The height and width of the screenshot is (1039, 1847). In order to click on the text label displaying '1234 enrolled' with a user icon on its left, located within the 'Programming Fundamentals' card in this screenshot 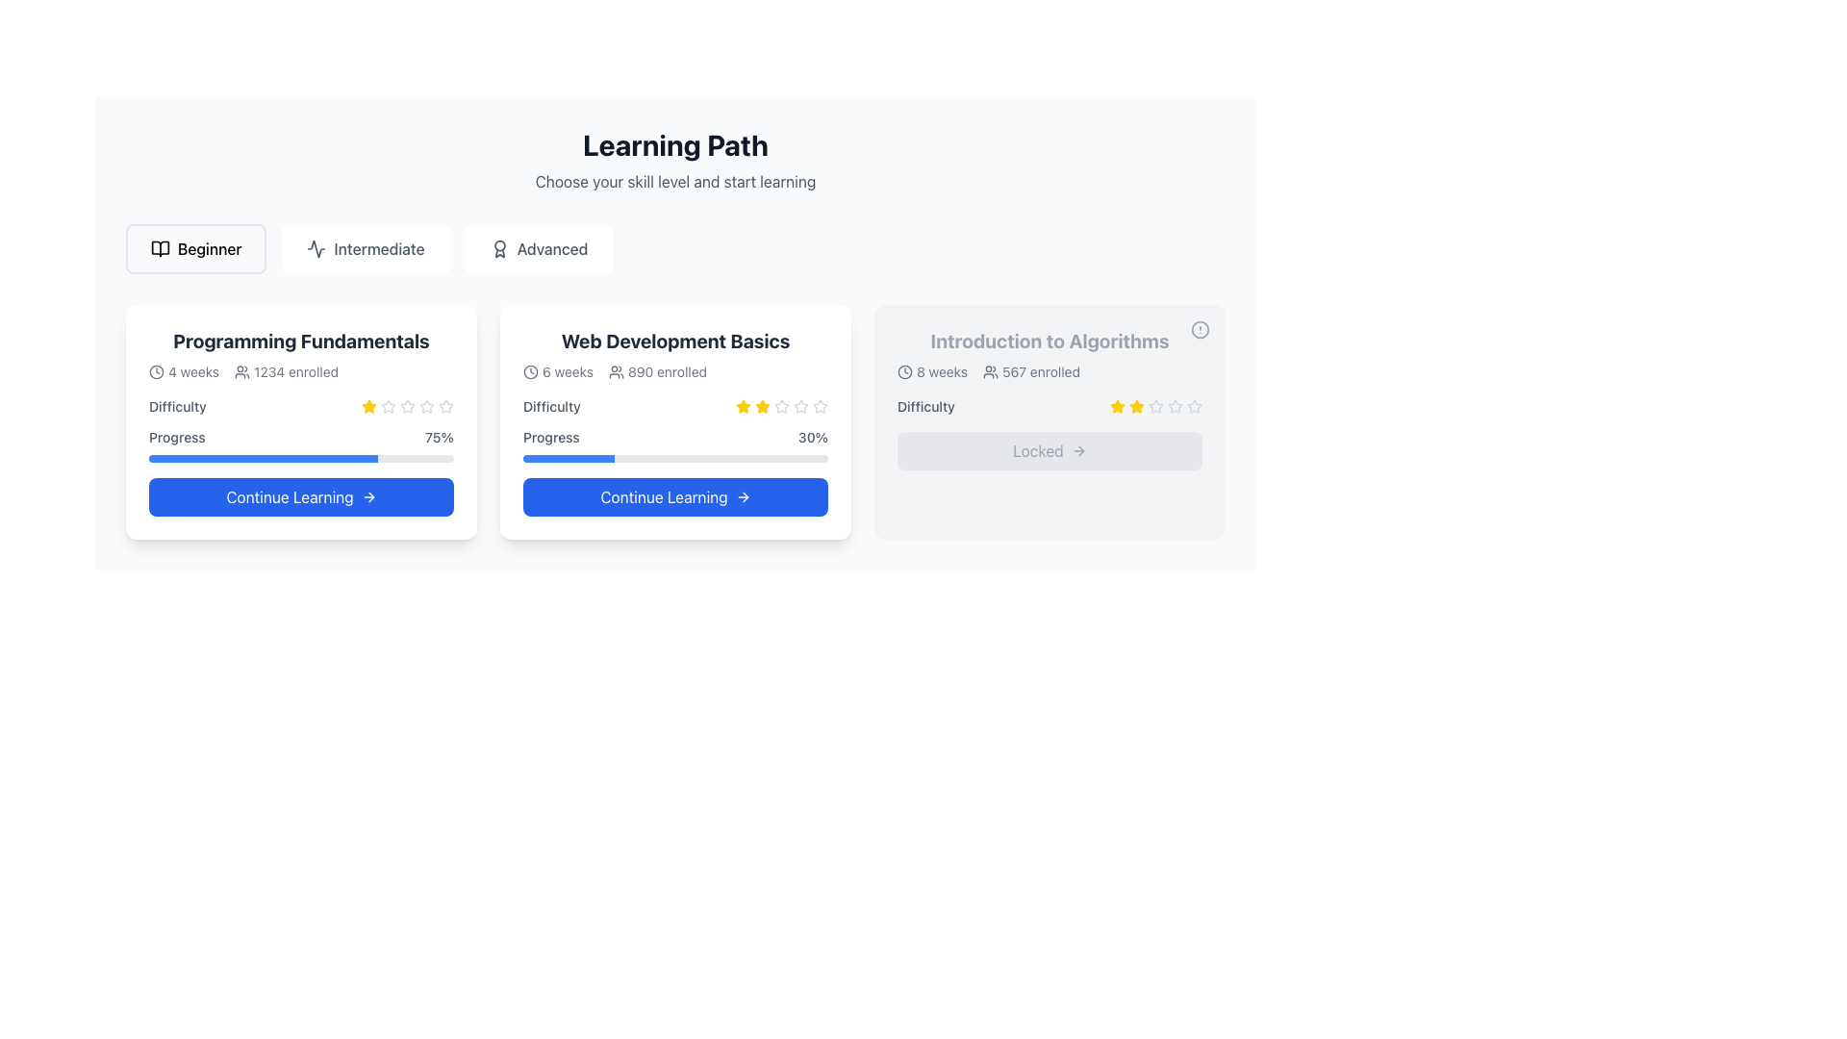, I will do `click(286, 371)`.